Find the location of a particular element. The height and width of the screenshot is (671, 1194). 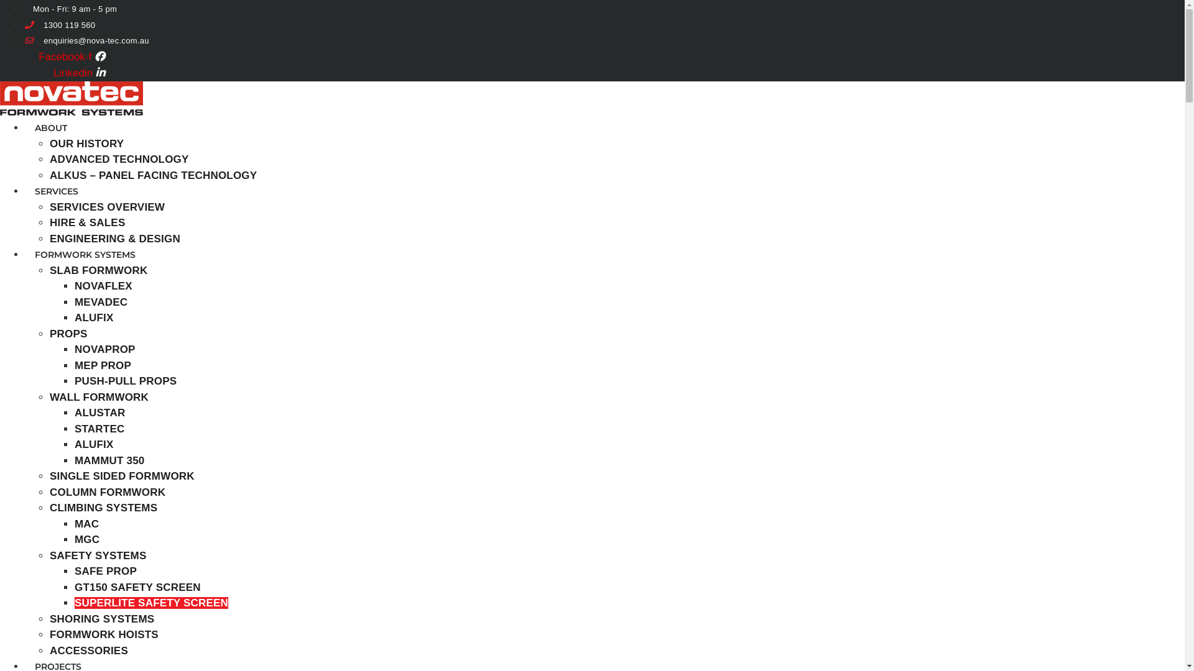

'COLUMN FORMWORK' is located at coordinates (107, 491).